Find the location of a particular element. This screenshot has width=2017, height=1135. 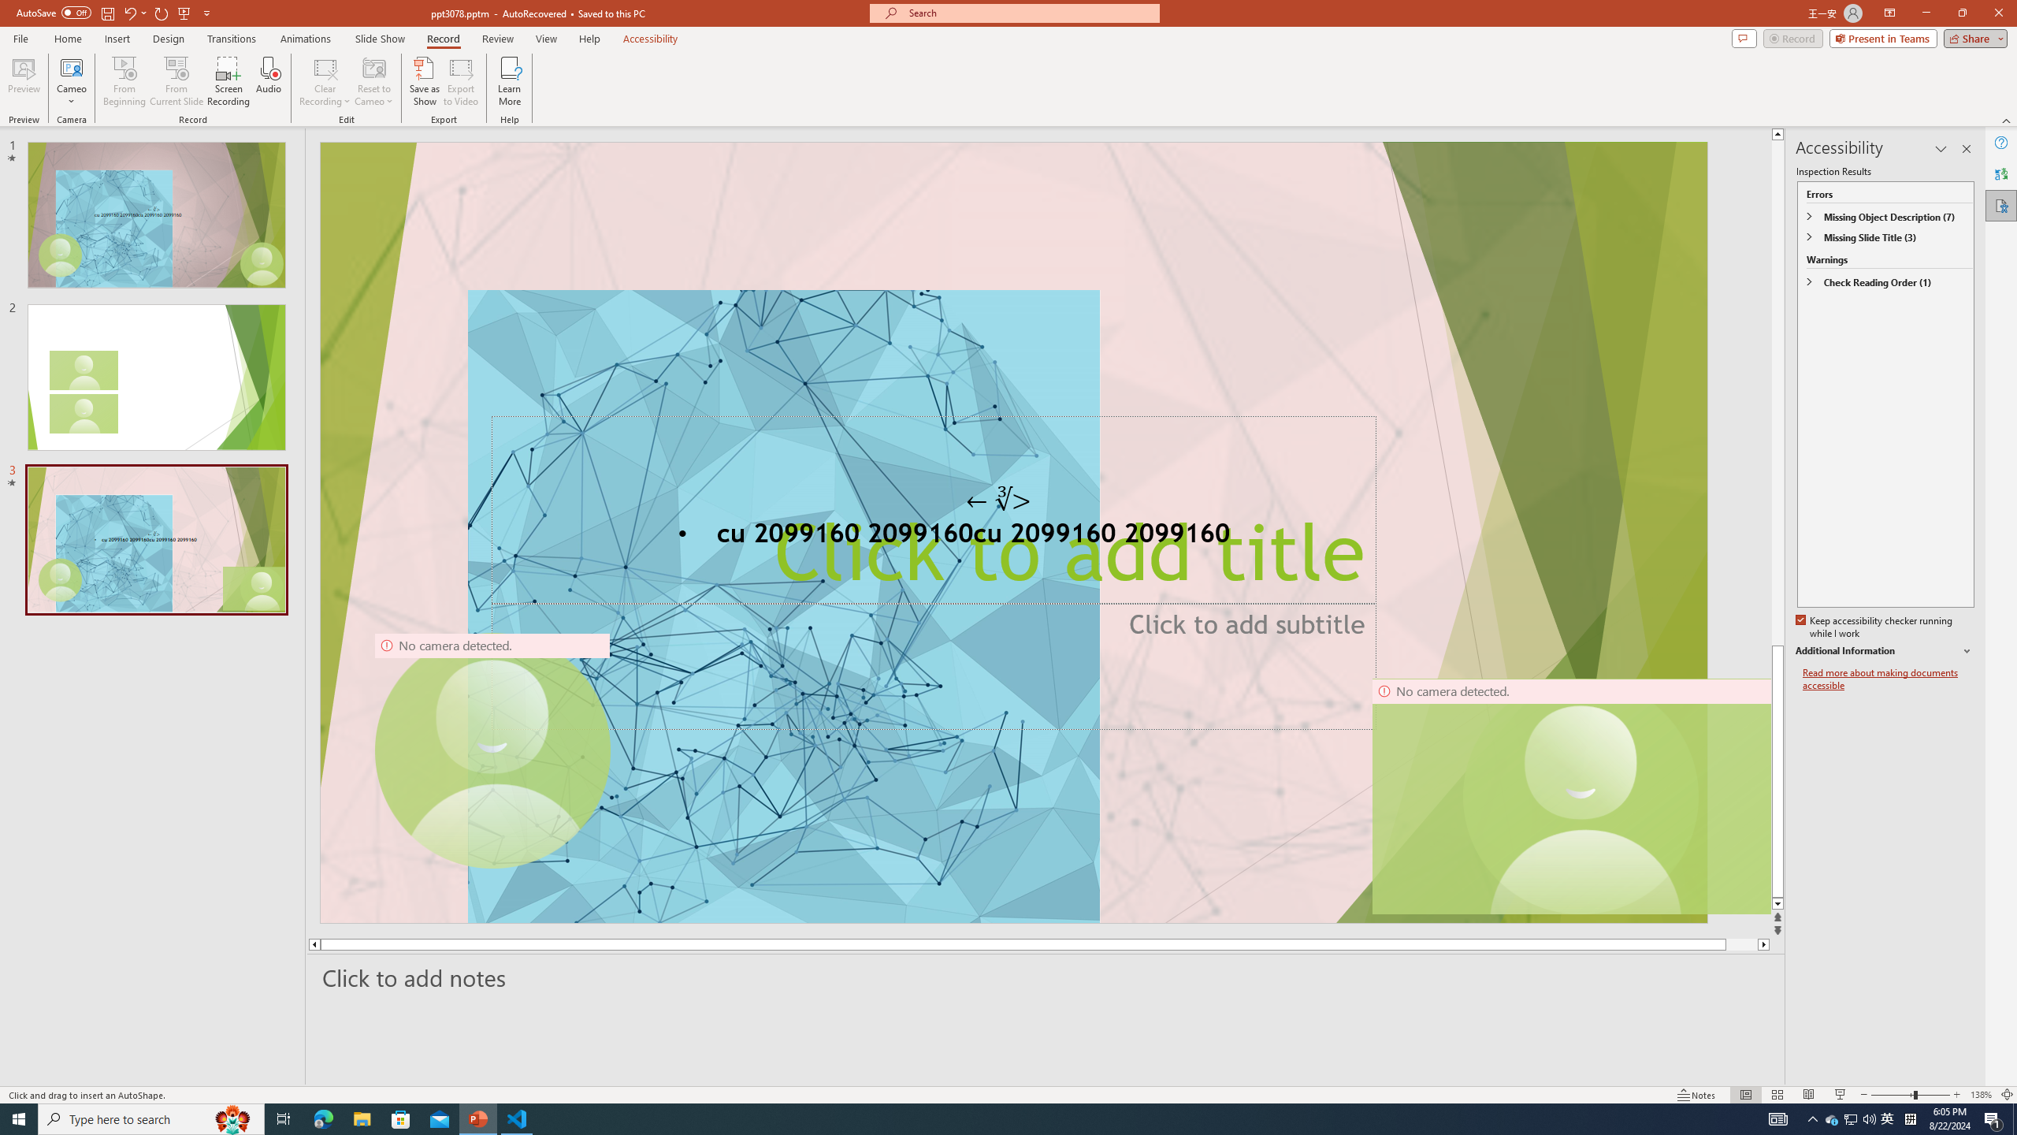

'Slide Notes' is located at coordinates (1046, 977).